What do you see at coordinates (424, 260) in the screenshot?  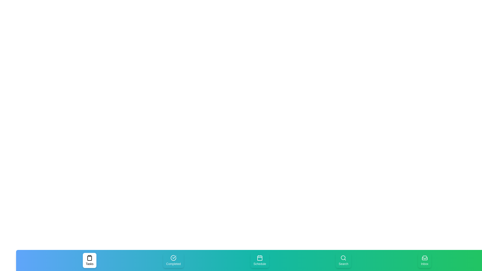 I see `the icon of the Inbox tab to observe its visual response` at bounding box center [424, 260].